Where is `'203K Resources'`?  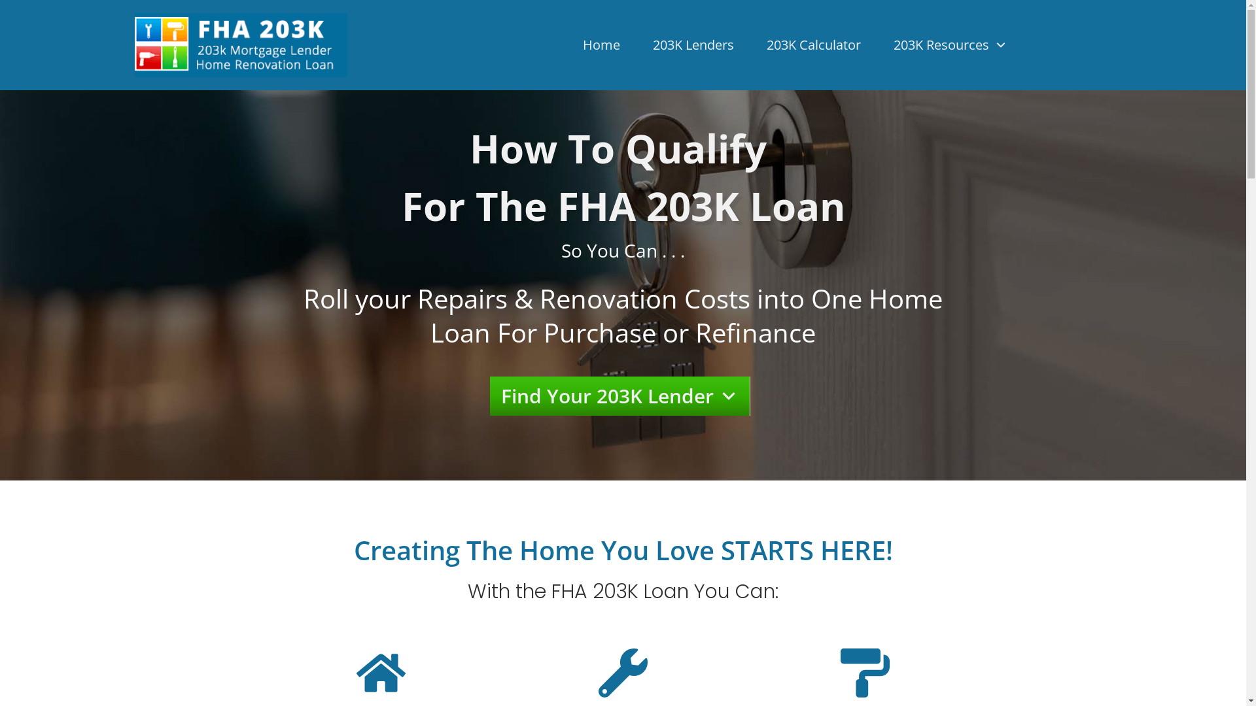 '203K Resources' is located at coordinates (951, 44).